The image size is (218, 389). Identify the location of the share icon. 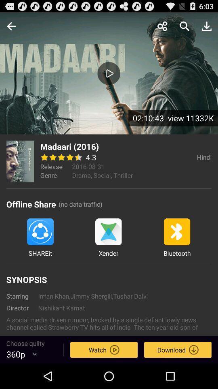
(162, 28).